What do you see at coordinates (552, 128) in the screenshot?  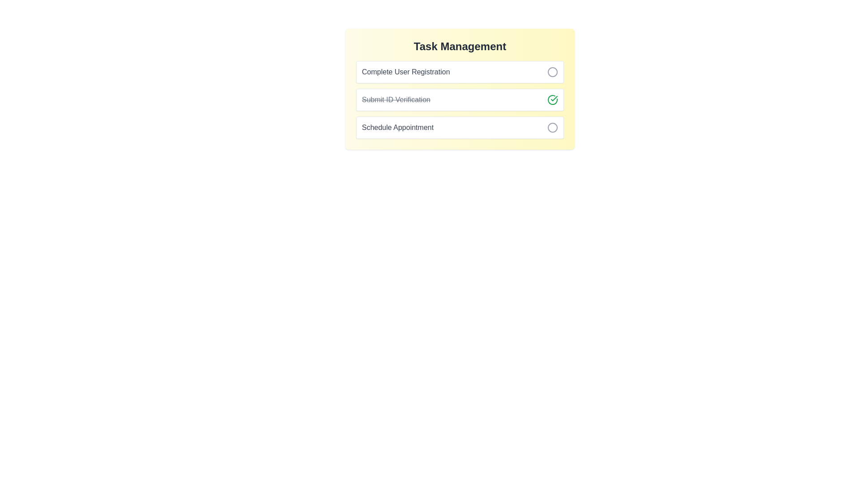 I see `the circular status indicator on the far right of the 'Schedule Appointment' task row` at bounding box center [552, 128].